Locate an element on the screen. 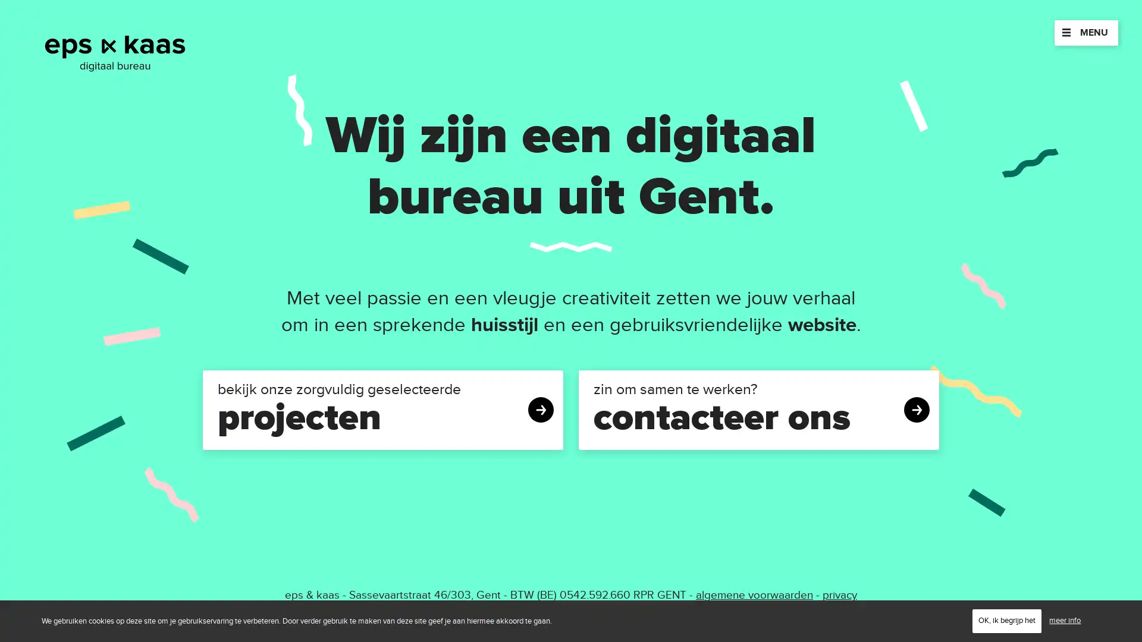  OK, ik begrijp het is located at coordinates (1006, 620).